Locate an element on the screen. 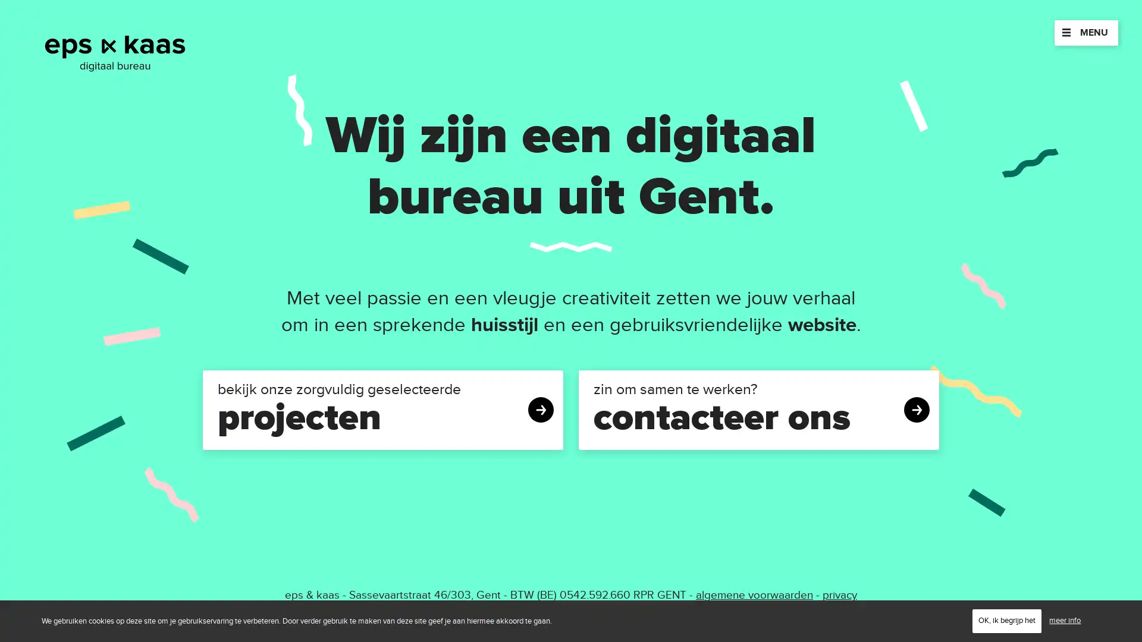  OK, ik begrijp het is located at coordinates (1006, 620).